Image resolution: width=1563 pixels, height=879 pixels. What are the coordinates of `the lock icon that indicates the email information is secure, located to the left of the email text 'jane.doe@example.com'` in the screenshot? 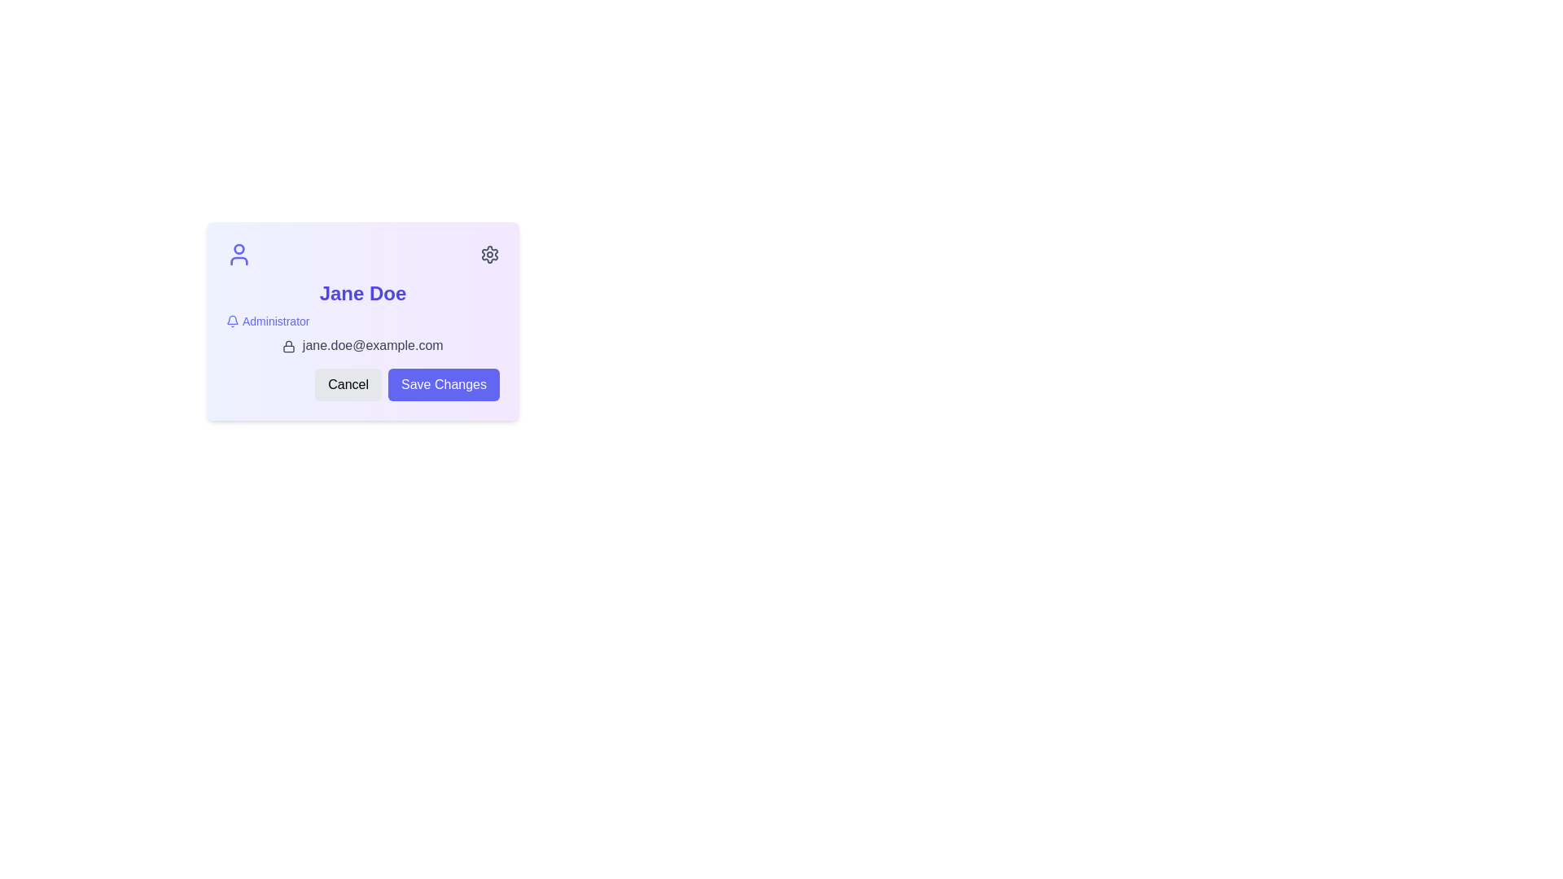 It's located at (289, 345).